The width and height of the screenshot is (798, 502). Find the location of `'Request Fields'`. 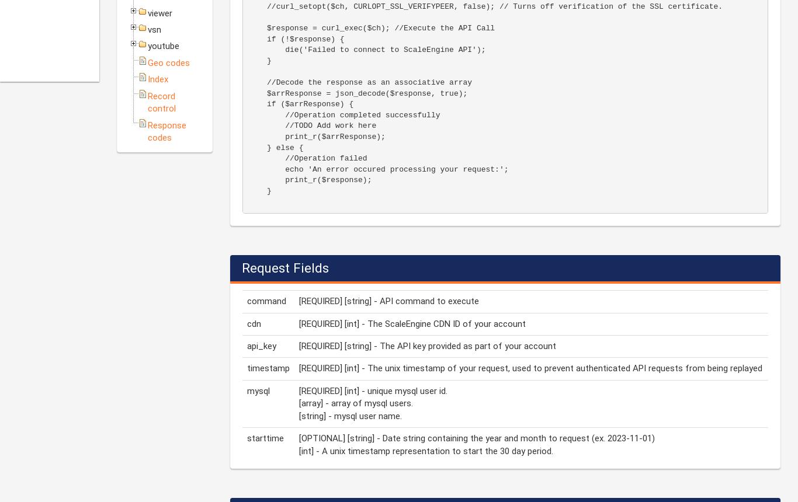

'Request Fields' is located at coordinates (285, 267).